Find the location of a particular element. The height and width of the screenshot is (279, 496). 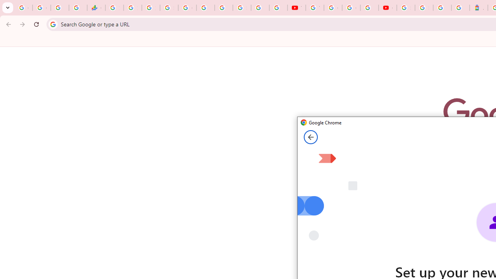

'Google Account Help' is located at coordinates (333, 8).